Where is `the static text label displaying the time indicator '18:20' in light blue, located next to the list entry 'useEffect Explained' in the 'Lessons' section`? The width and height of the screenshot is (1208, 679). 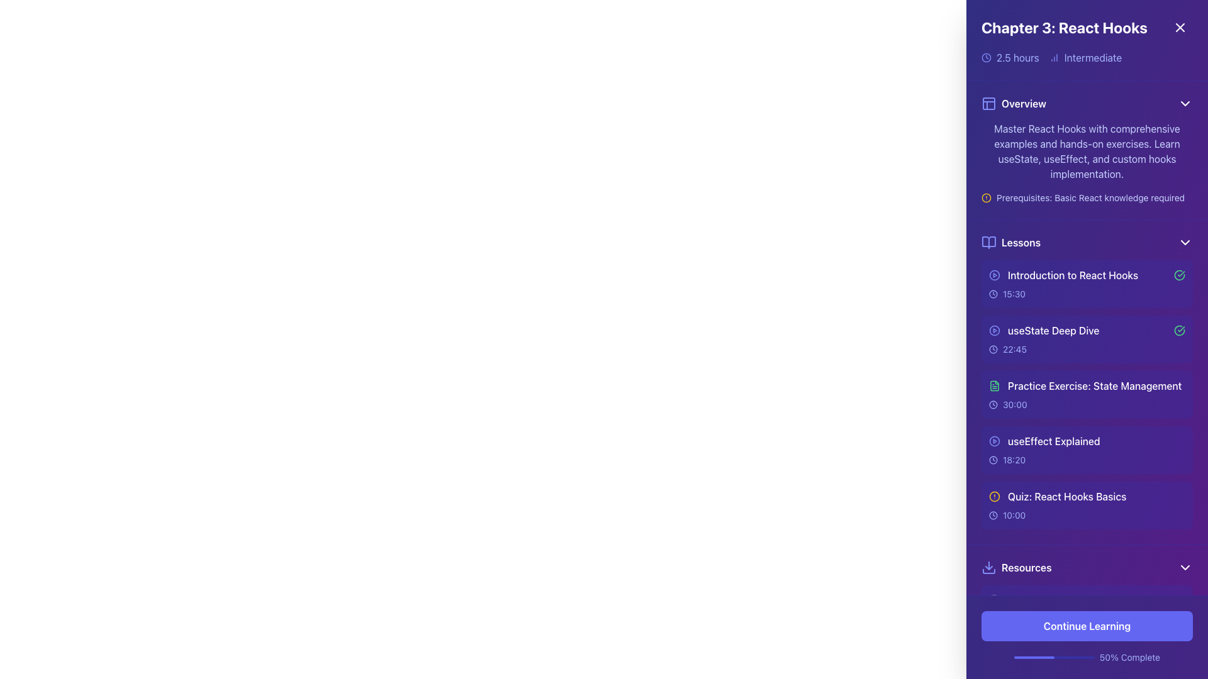 the static text label displaying the time indicator '18:20' in light blue, located next to the list entry 'useEffect Explained' in the 'Lessons' section is located at coordinates (1014, 460).